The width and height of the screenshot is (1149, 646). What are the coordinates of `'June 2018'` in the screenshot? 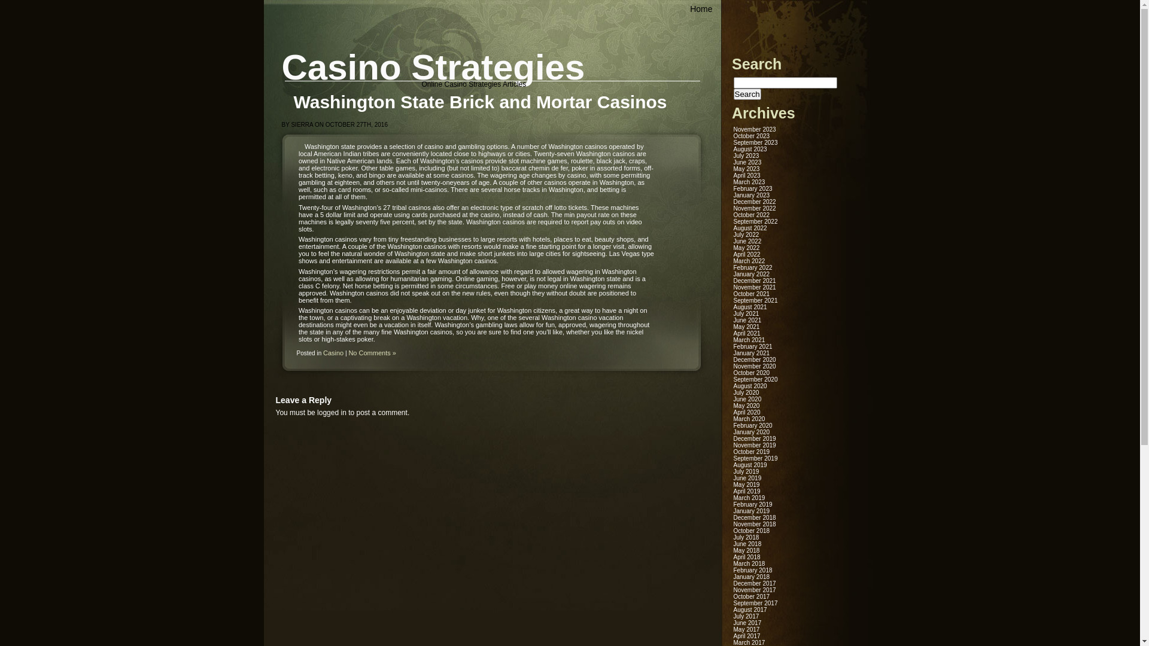 It's located at (747, 544).